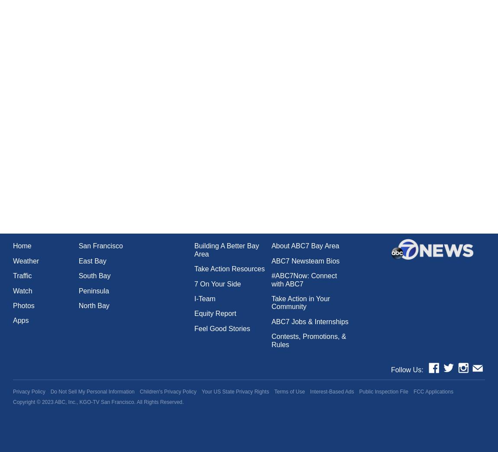 This screenshot has height=452, width=498. Describe the element at coordinates (168, 391) in the screenshot. I see `'Children's Privacy Policy'` at that location.